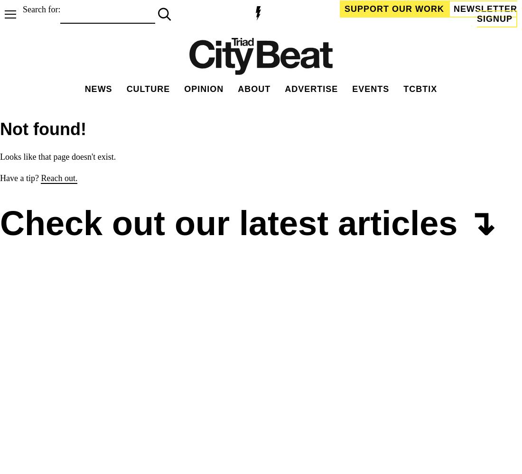 This screenshot has width=522, height=474. Describe the element at coordinates (374, 387) in the screenshot. I see `'CityBeat'` at that location.